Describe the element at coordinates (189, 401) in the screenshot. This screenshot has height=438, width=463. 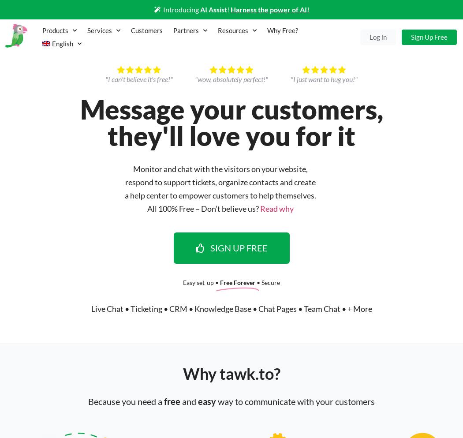
I see `'and'` at that location.